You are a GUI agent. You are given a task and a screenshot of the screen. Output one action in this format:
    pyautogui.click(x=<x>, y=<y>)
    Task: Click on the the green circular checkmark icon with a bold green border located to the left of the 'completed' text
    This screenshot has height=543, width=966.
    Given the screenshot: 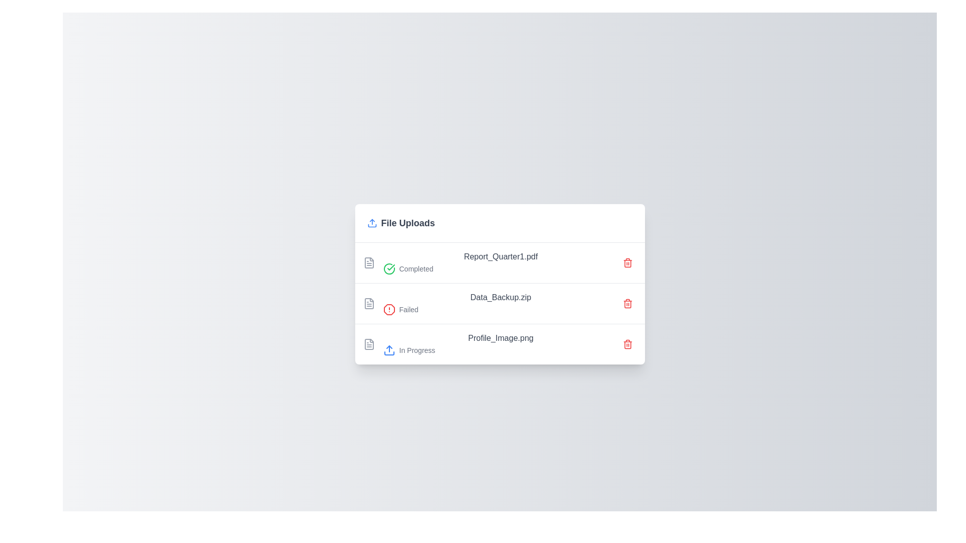 What is the action you would take?
    pyautogui.click(x=388, y=268)
    